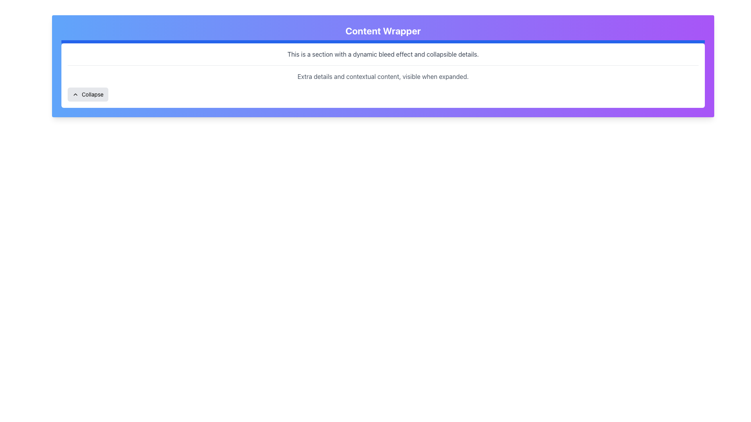  I want to click on the text element displaying 'Content Wrapper', which is styled in bold and large font against a gradient background, so click(383, 30).